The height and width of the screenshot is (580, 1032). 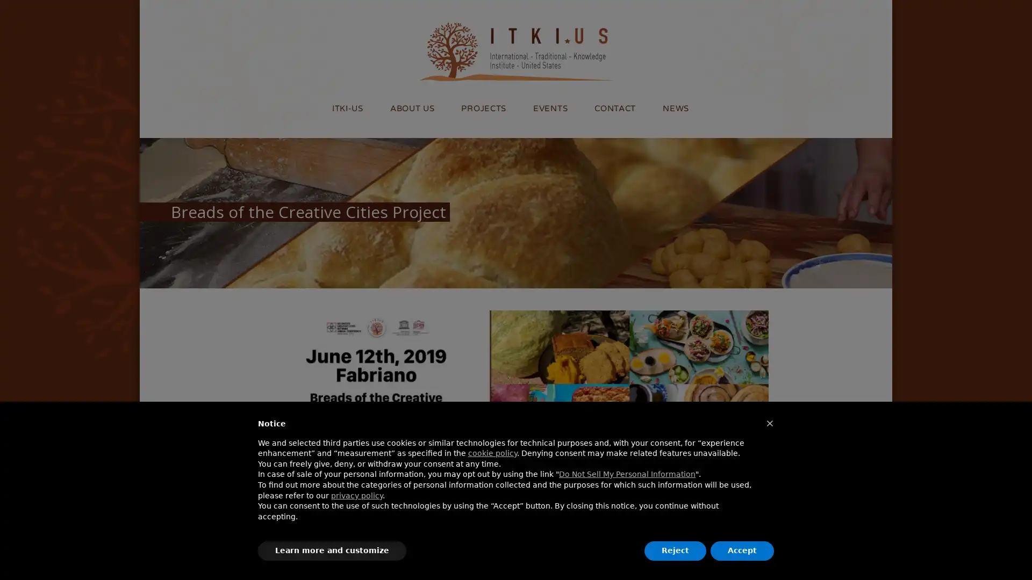 I want to click on Reject, so click(x=675, y=551).